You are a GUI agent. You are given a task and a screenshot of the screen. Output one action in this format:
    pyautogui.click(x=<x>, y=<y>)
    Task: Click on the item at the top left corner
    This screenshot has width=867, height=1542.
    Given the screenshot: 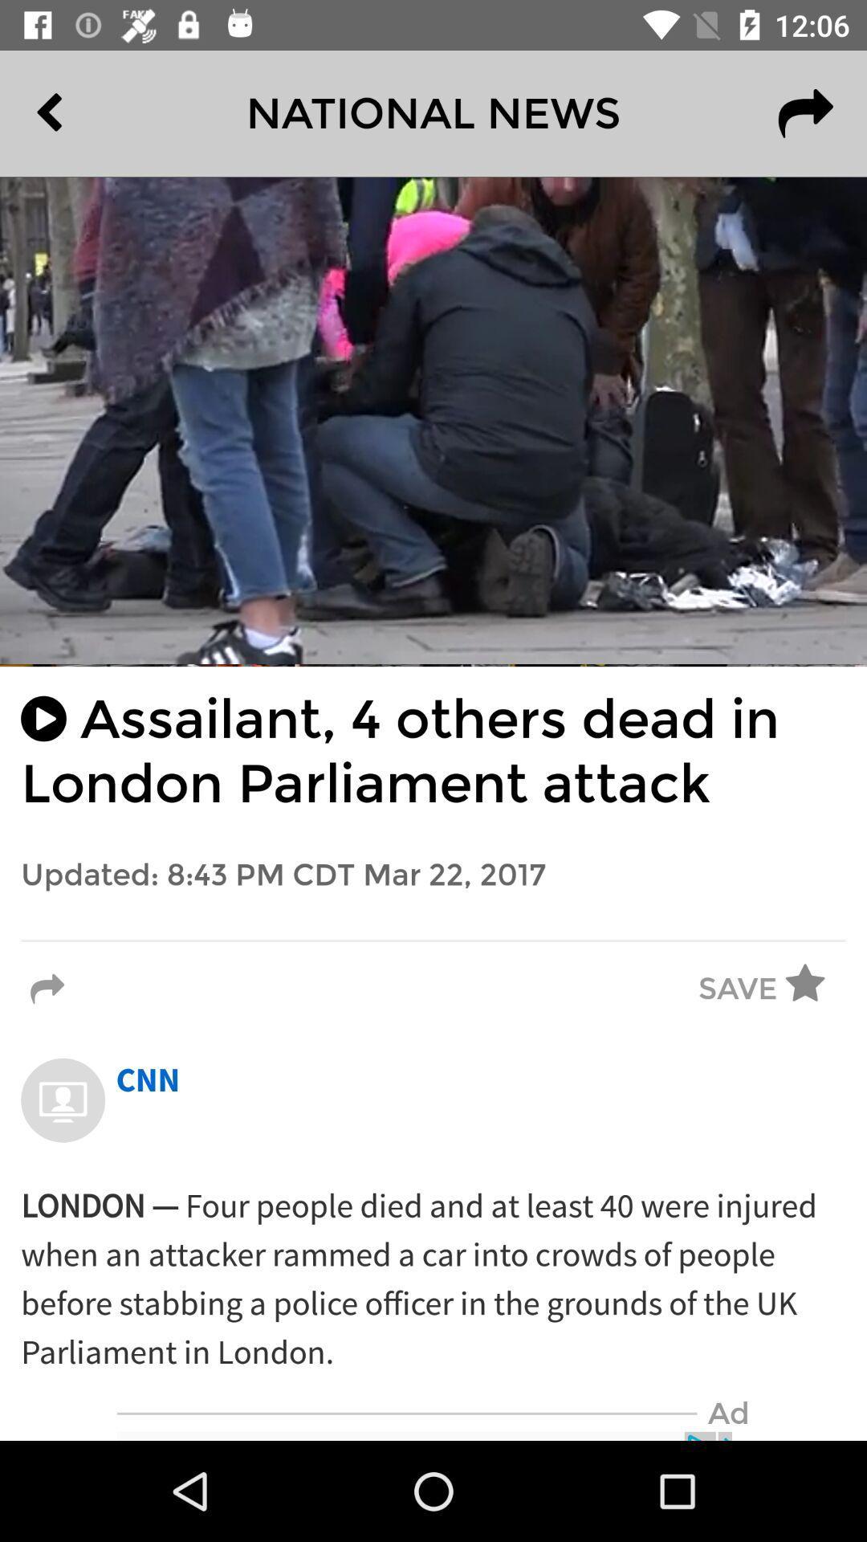 What is the action you would take?
    pyautogui.click(x=86, y=112)
    